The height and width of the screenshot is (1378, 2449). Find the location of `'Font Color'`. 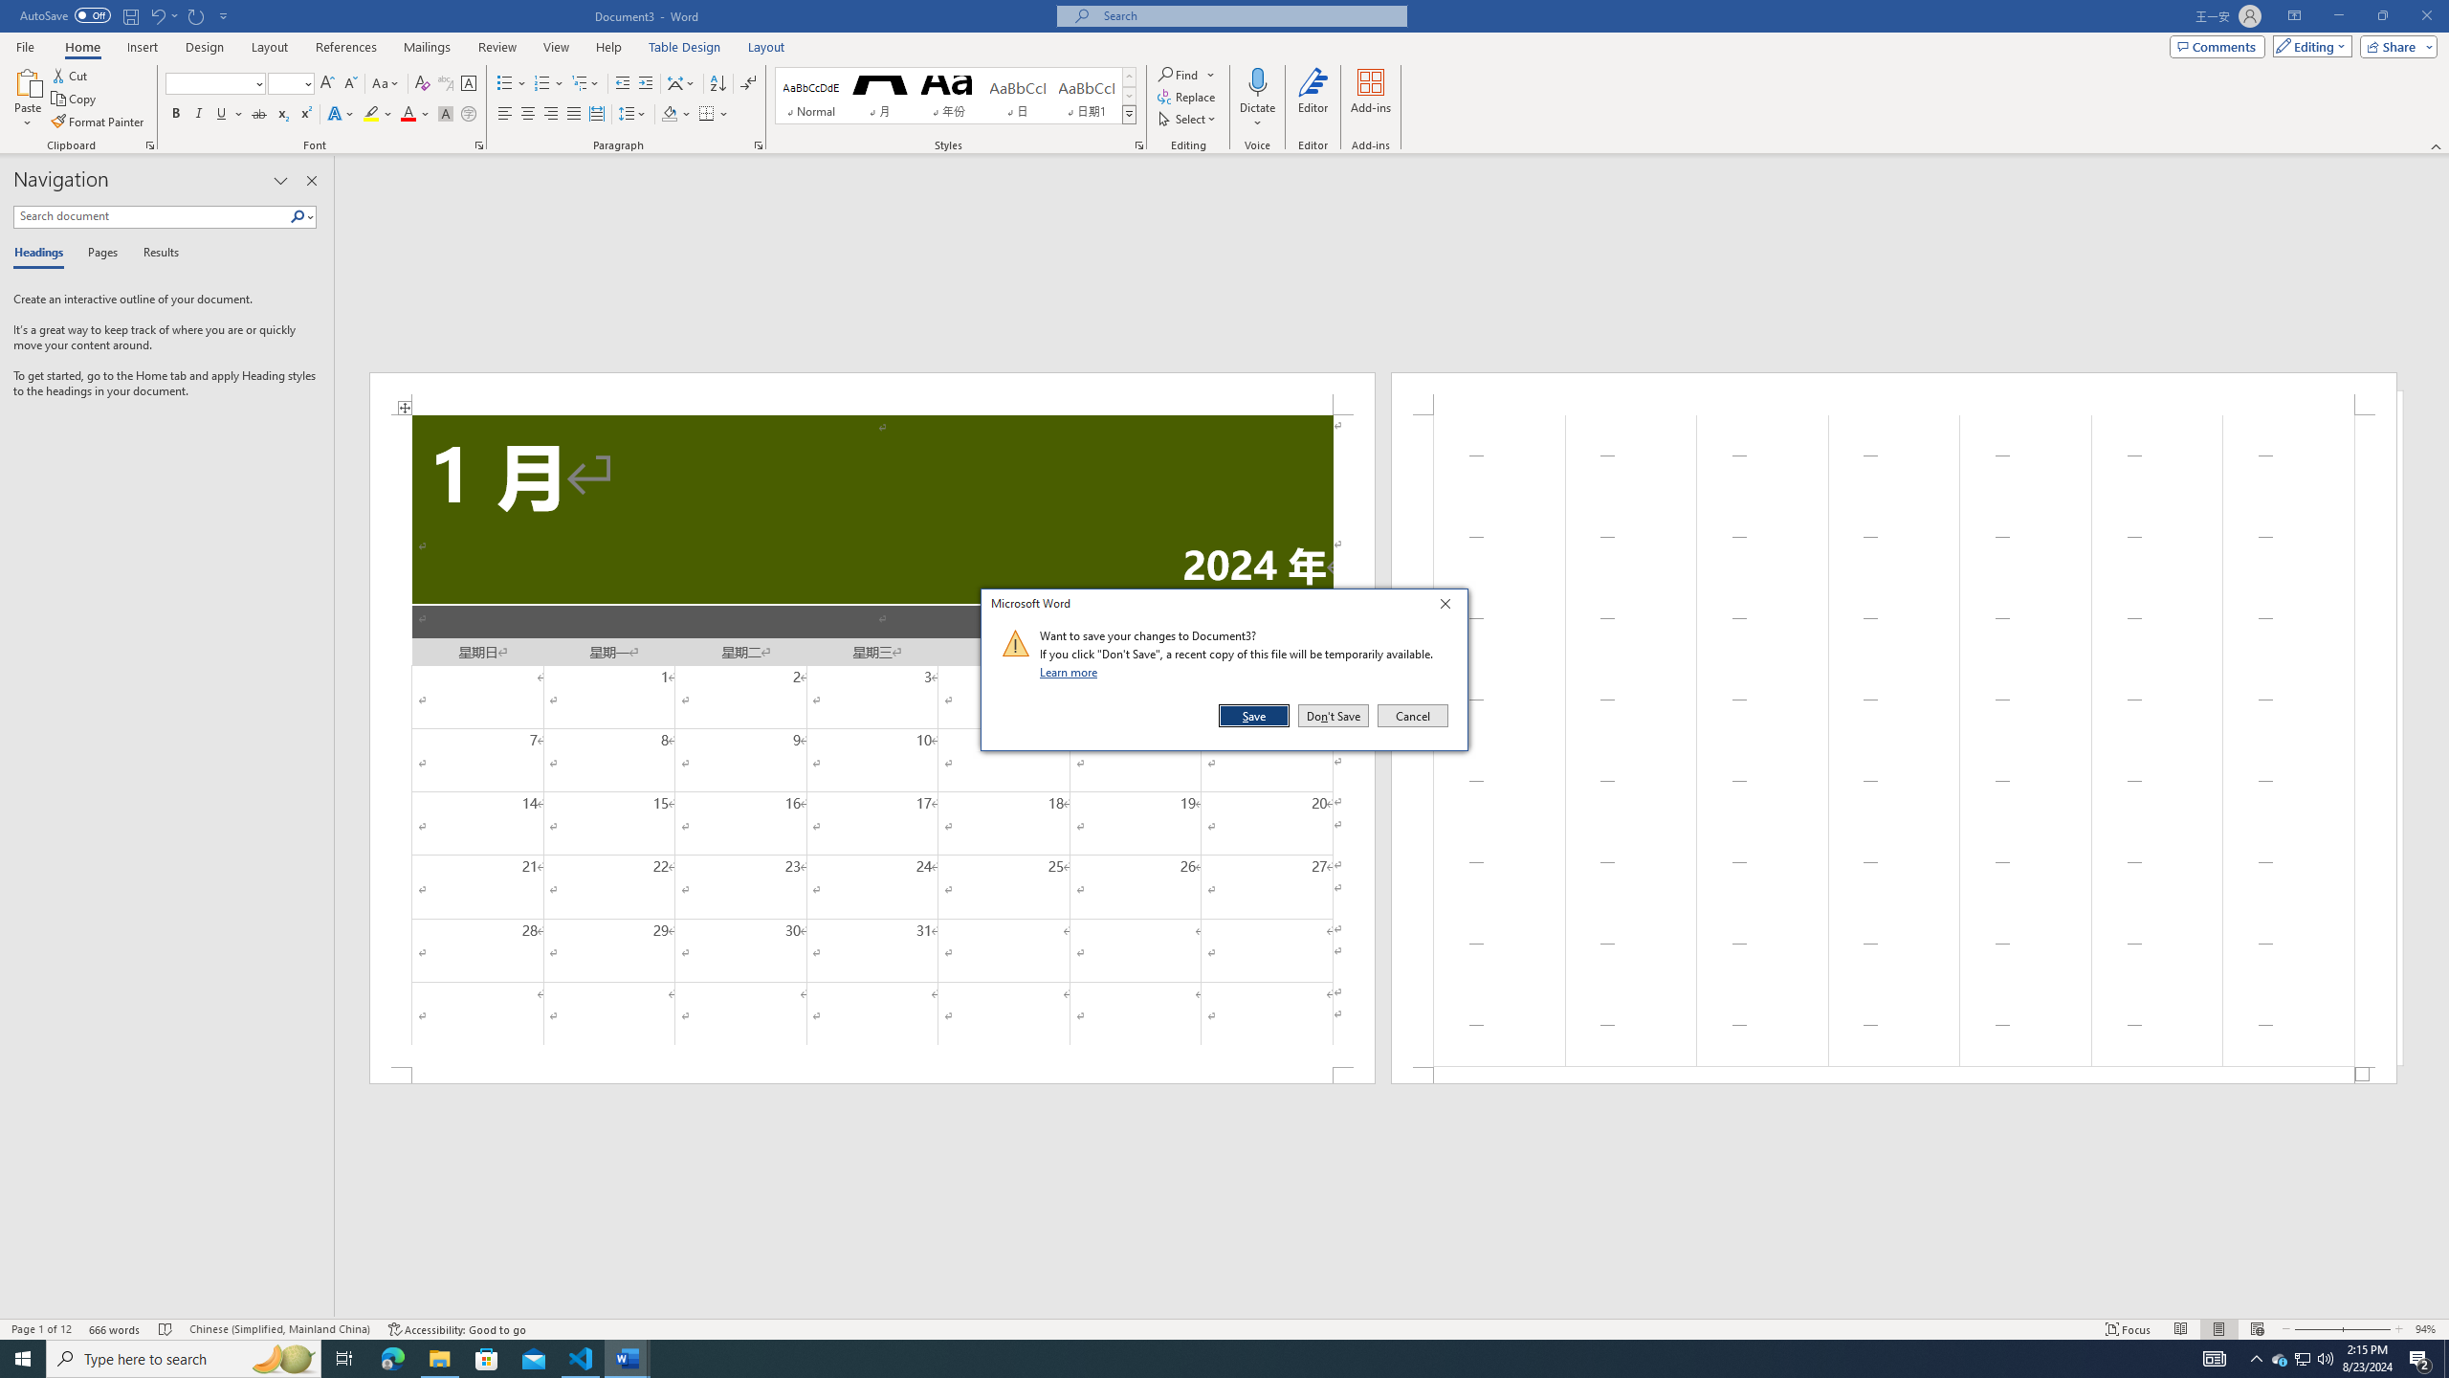

'Font Color' is located at coordinates (413, 113).